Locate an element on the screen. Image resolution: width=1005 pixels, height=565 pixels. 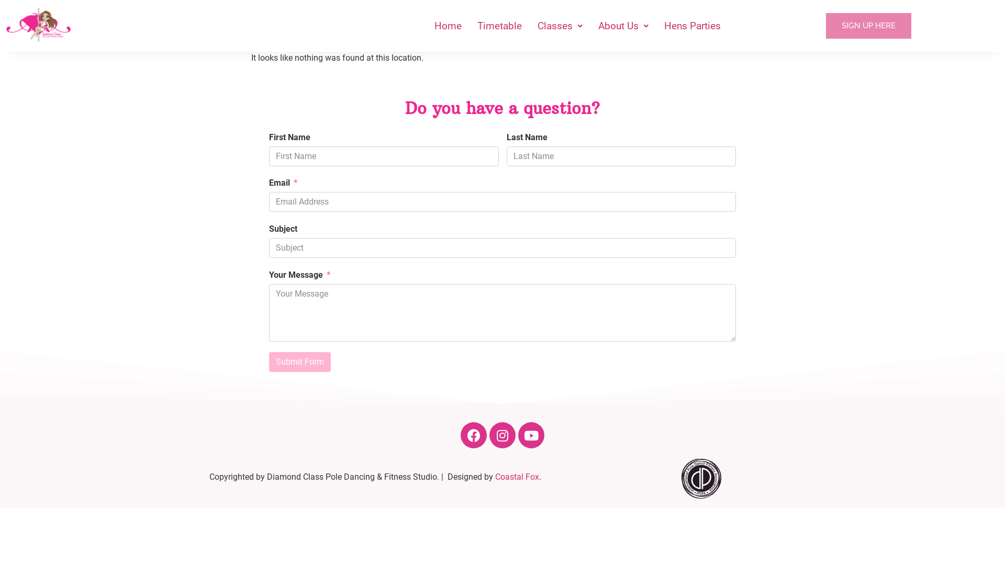
'Home' is located at coordinates (448, 25).